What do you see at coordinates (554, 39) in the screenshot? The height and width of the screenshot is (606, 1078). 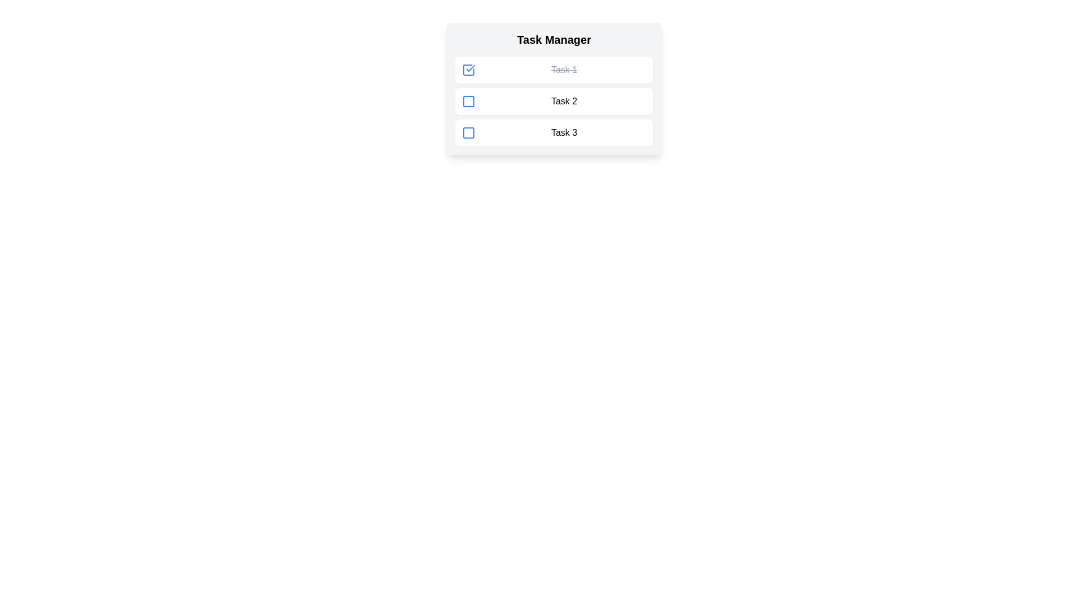 I see `the header text 'Task Manager' to read or copy` at bounding box center [554, 39].